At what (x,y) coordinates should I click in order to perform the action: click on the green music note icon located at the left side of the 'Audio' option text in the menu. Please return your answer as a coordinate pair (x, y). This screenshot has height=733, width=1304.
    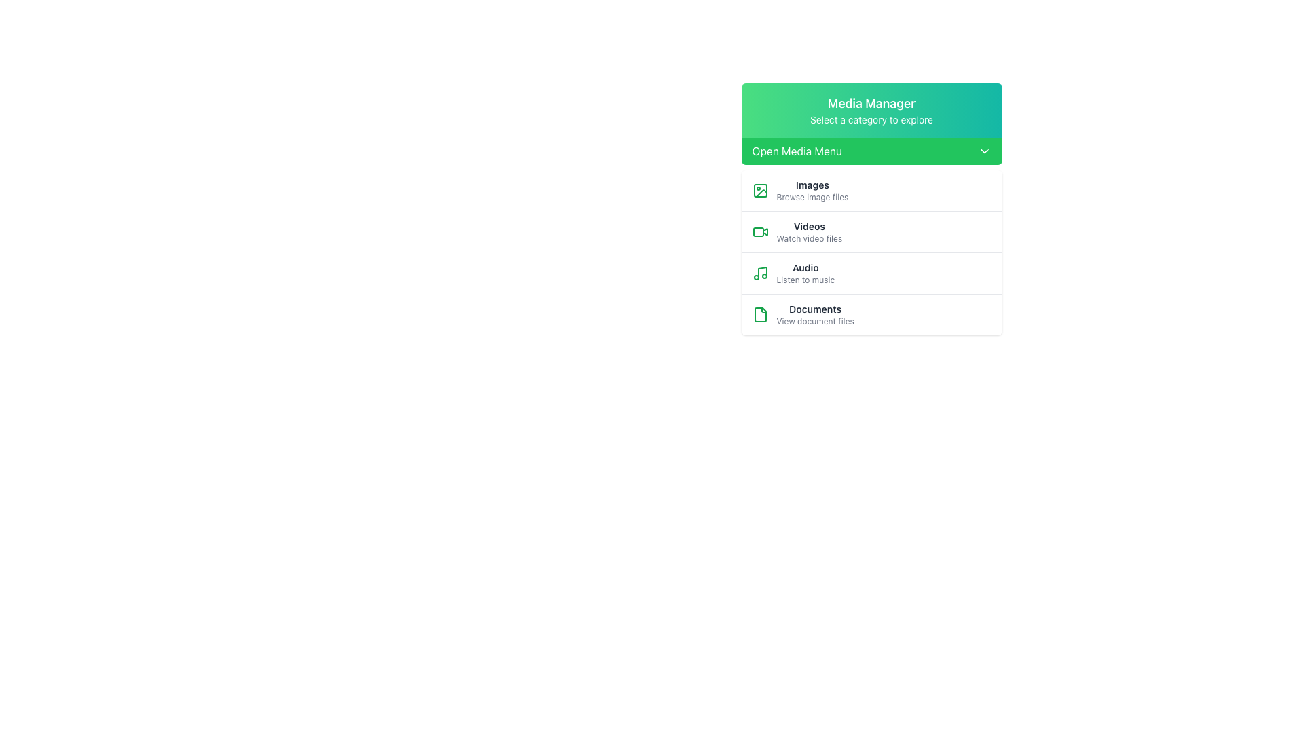
    Looking at the image, I should click on (759, 273).